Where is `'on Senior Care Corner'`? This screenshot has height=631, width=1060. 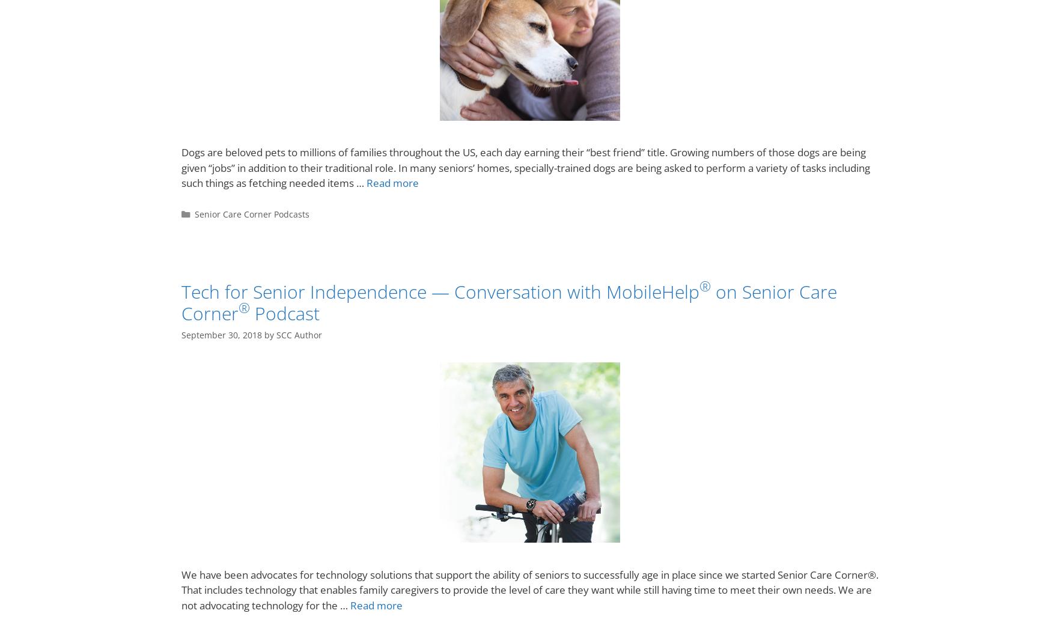
'on Senior Care Corner' is located at coordinates (181, 302).